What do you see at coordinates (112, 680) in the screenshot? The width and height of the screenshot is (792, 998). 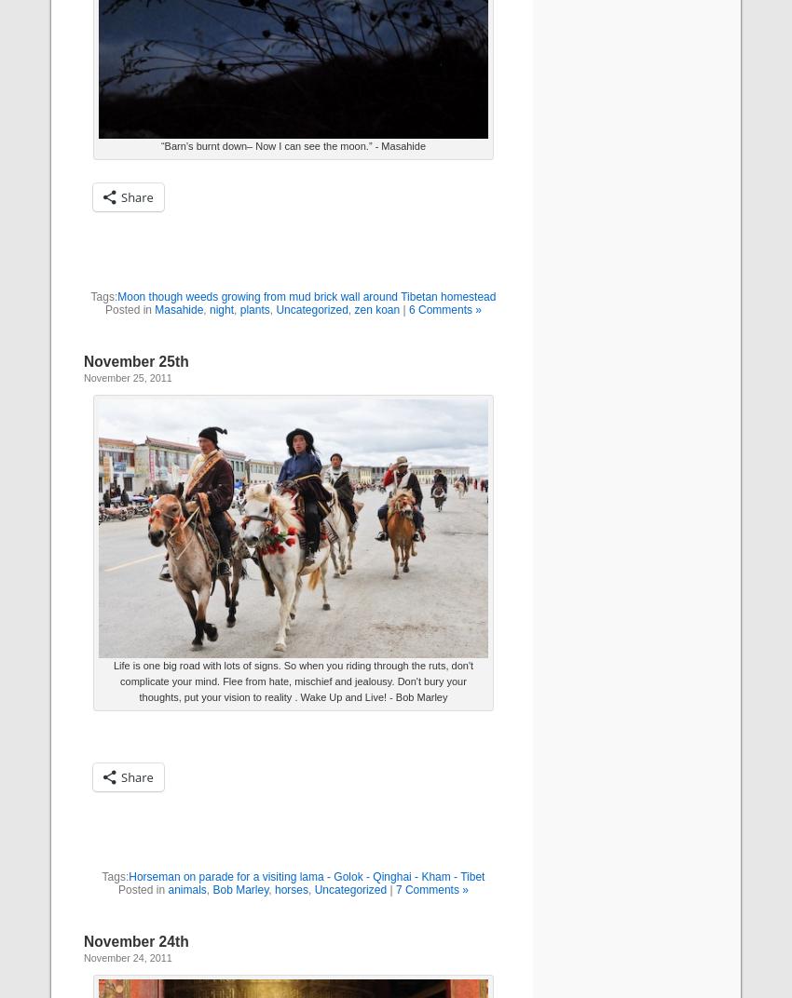 I see `'Life is one big road with lots of signs. So when you riding through the ruts, don't complicate your mind. Flee from hate, mischief and jealousy. Don't bury your thoughts, put your vision to reality . Wake Up and Live! - Bob Marley'` at bounding box center [112, 680].